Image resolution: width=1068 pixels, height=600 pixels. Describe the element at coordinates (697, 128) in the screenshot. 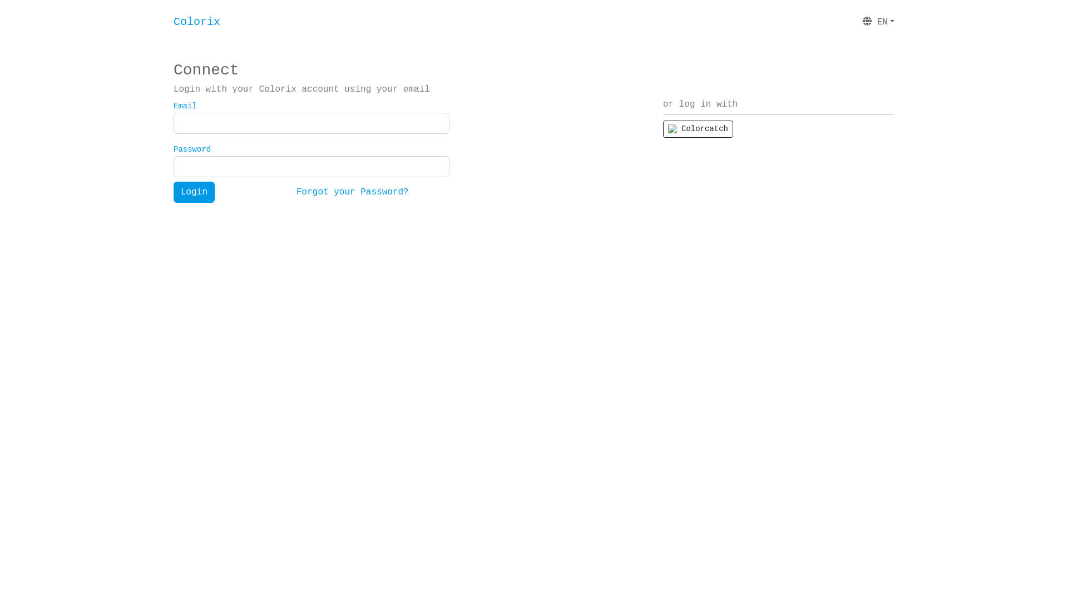

I see `'Colorcatch'` at that location.